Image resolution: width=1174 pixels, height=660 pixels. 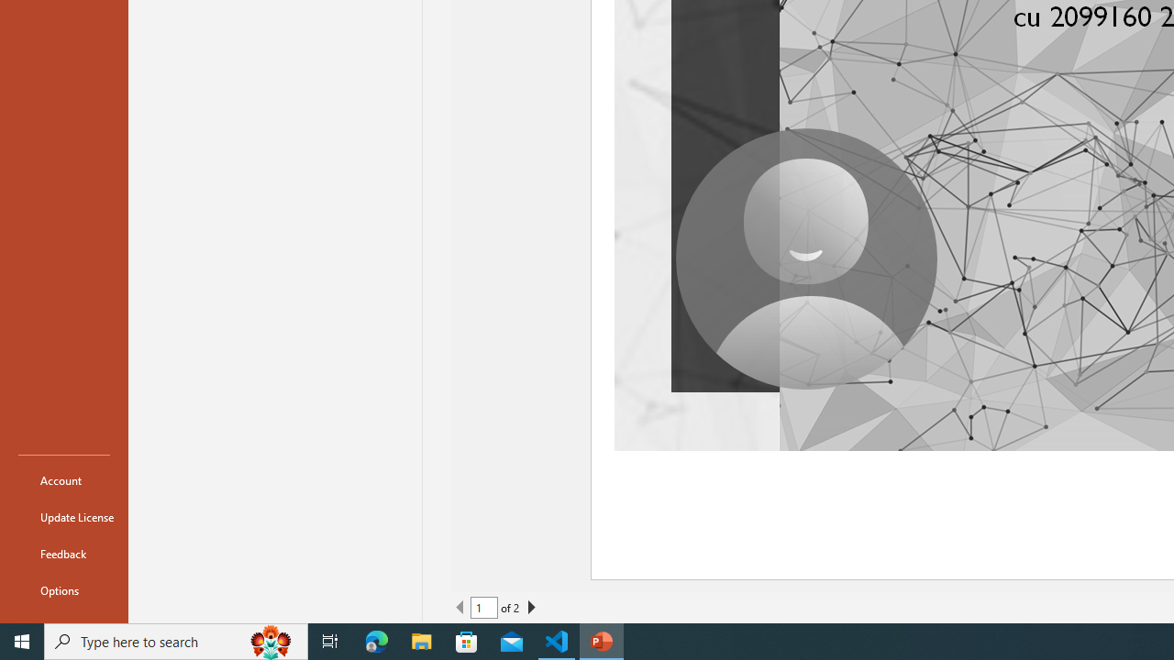 I want to click on 'Feedback', so click(x=63, y=553).